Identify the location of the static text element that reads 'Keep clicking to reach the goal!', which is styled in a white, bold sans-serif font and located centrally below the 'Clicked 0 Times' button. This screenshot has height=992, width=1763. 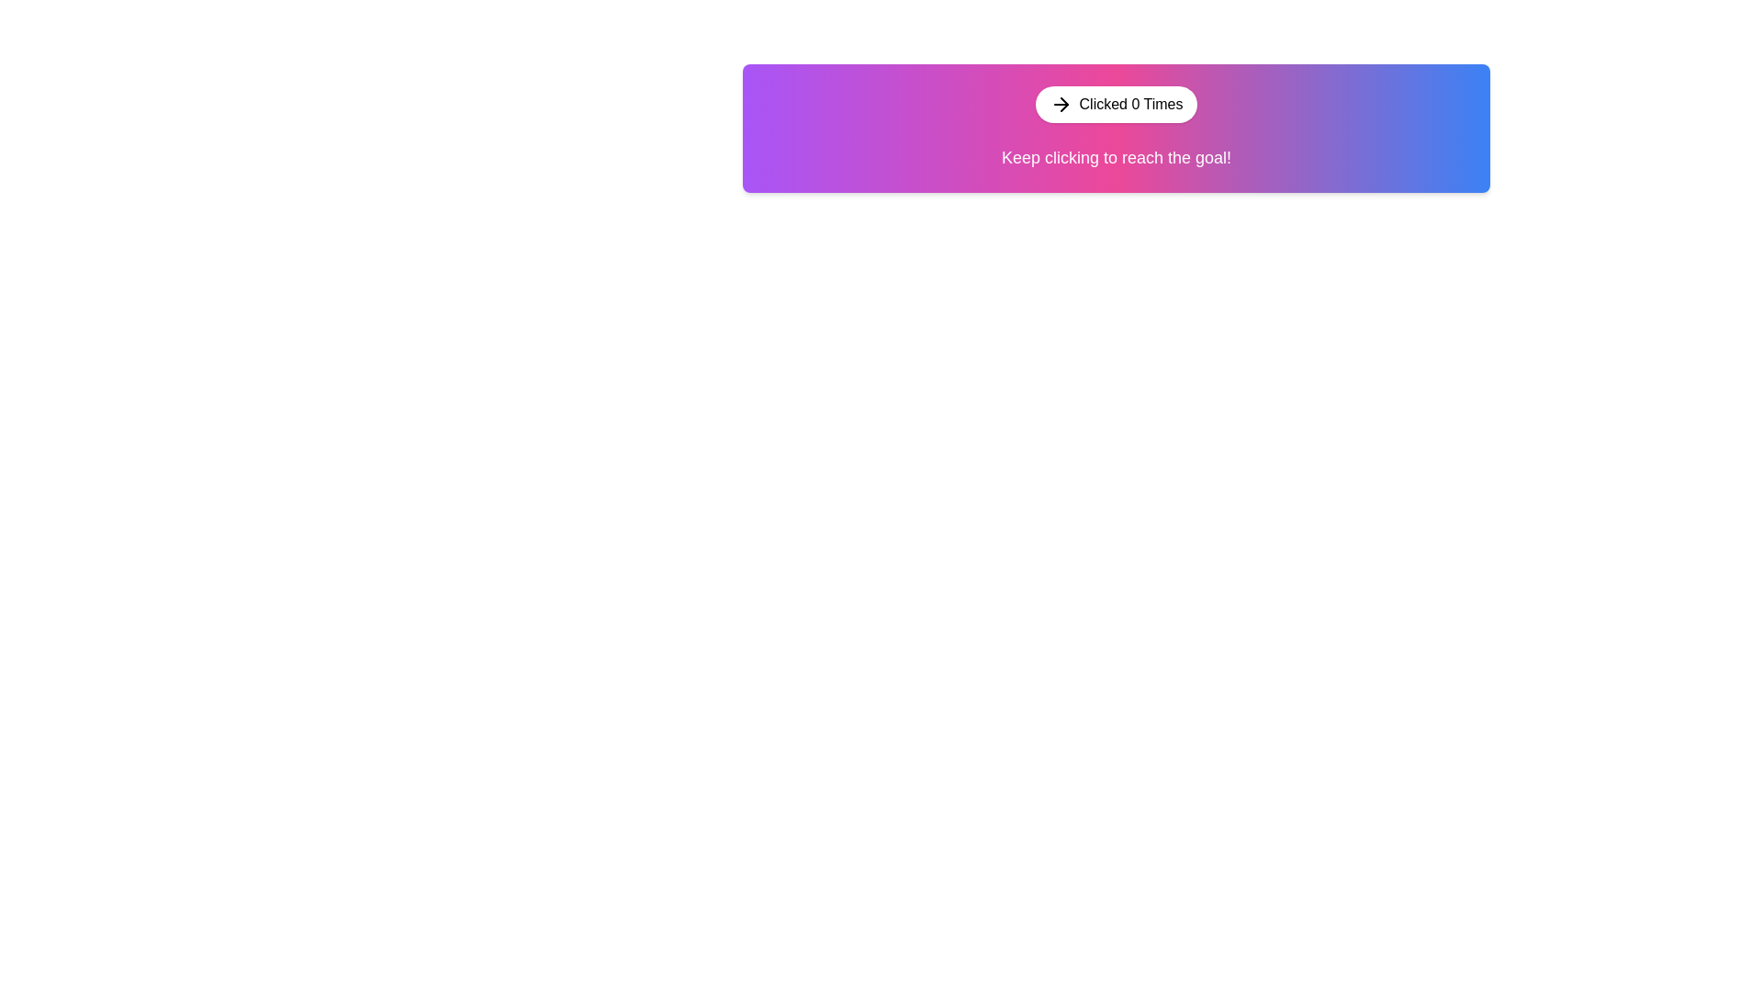
(1115, 157).